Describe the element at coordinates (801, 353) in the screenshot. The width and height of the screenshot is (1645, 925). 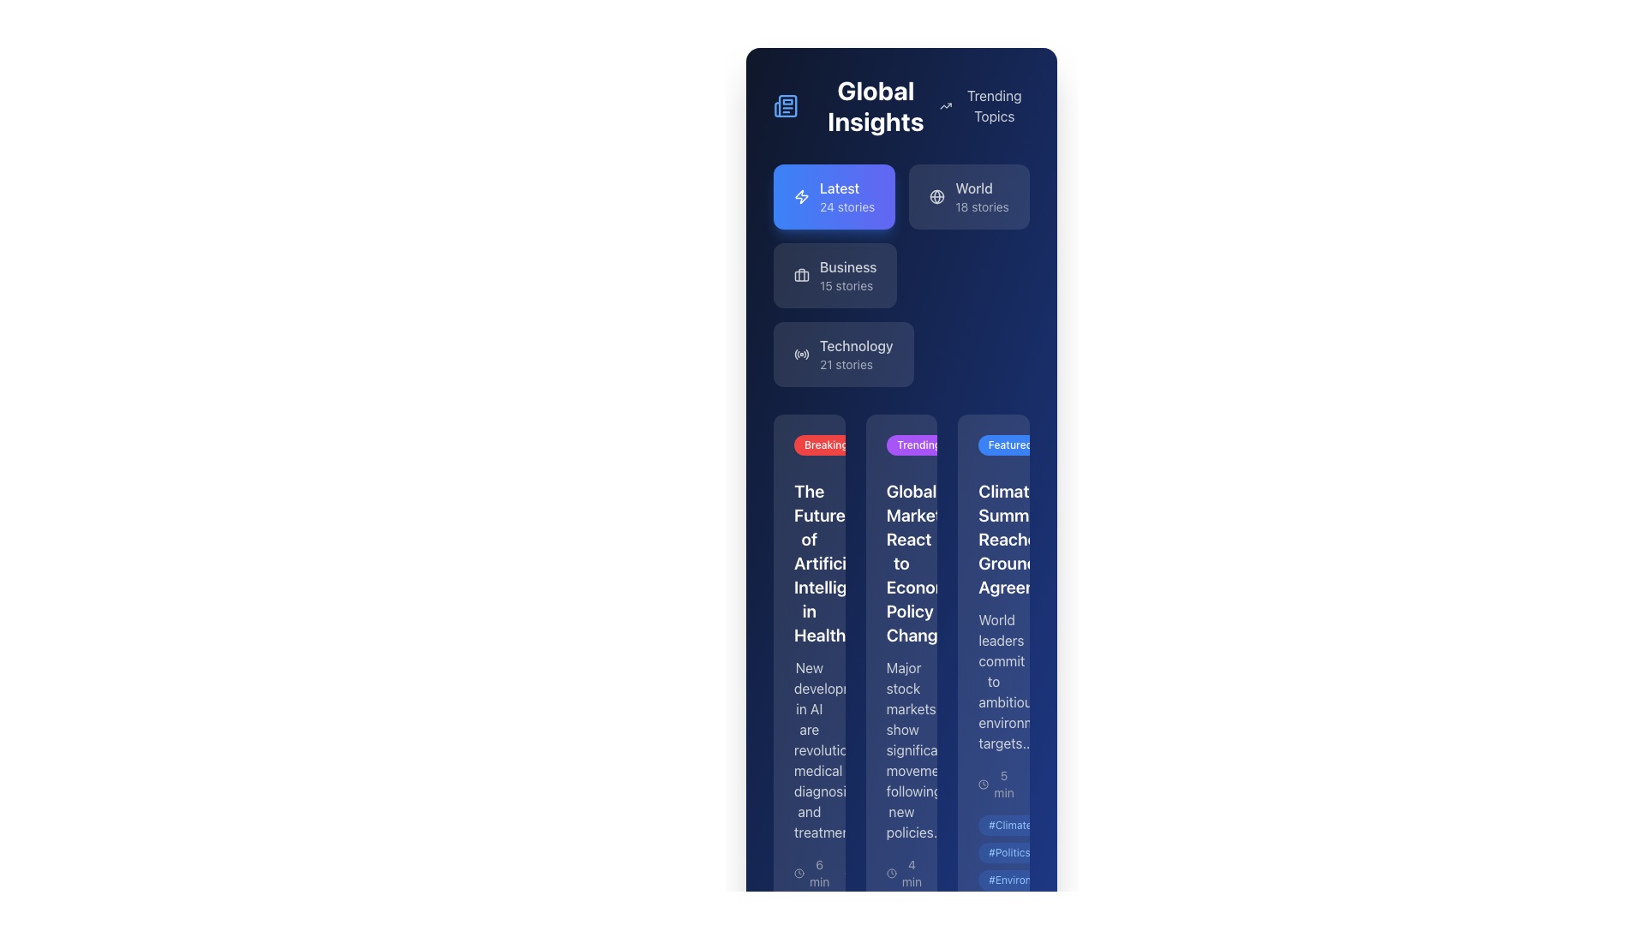
I see `the circular radio symbol icon with waves, located to the left of 'Technology 21 stories' in the fourth category of the sidebar` at that location.